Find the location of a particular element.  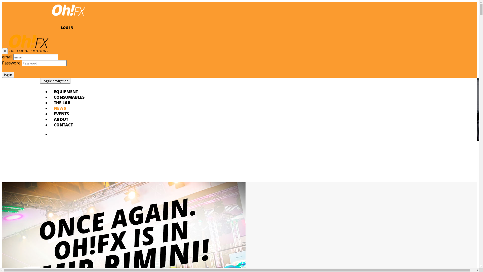

'CONTACT' is located at coordinates (63, 125).